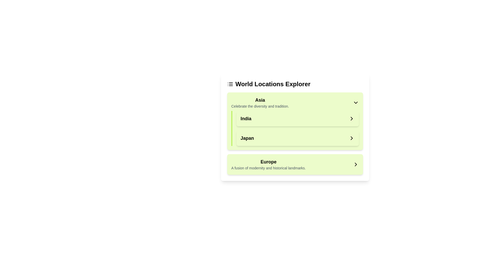 The image size is (494, 278). I want to click on the 'India' text label in the dropdown list under 'Asia' in the 'World Locations Explorer', so click(245, 119).